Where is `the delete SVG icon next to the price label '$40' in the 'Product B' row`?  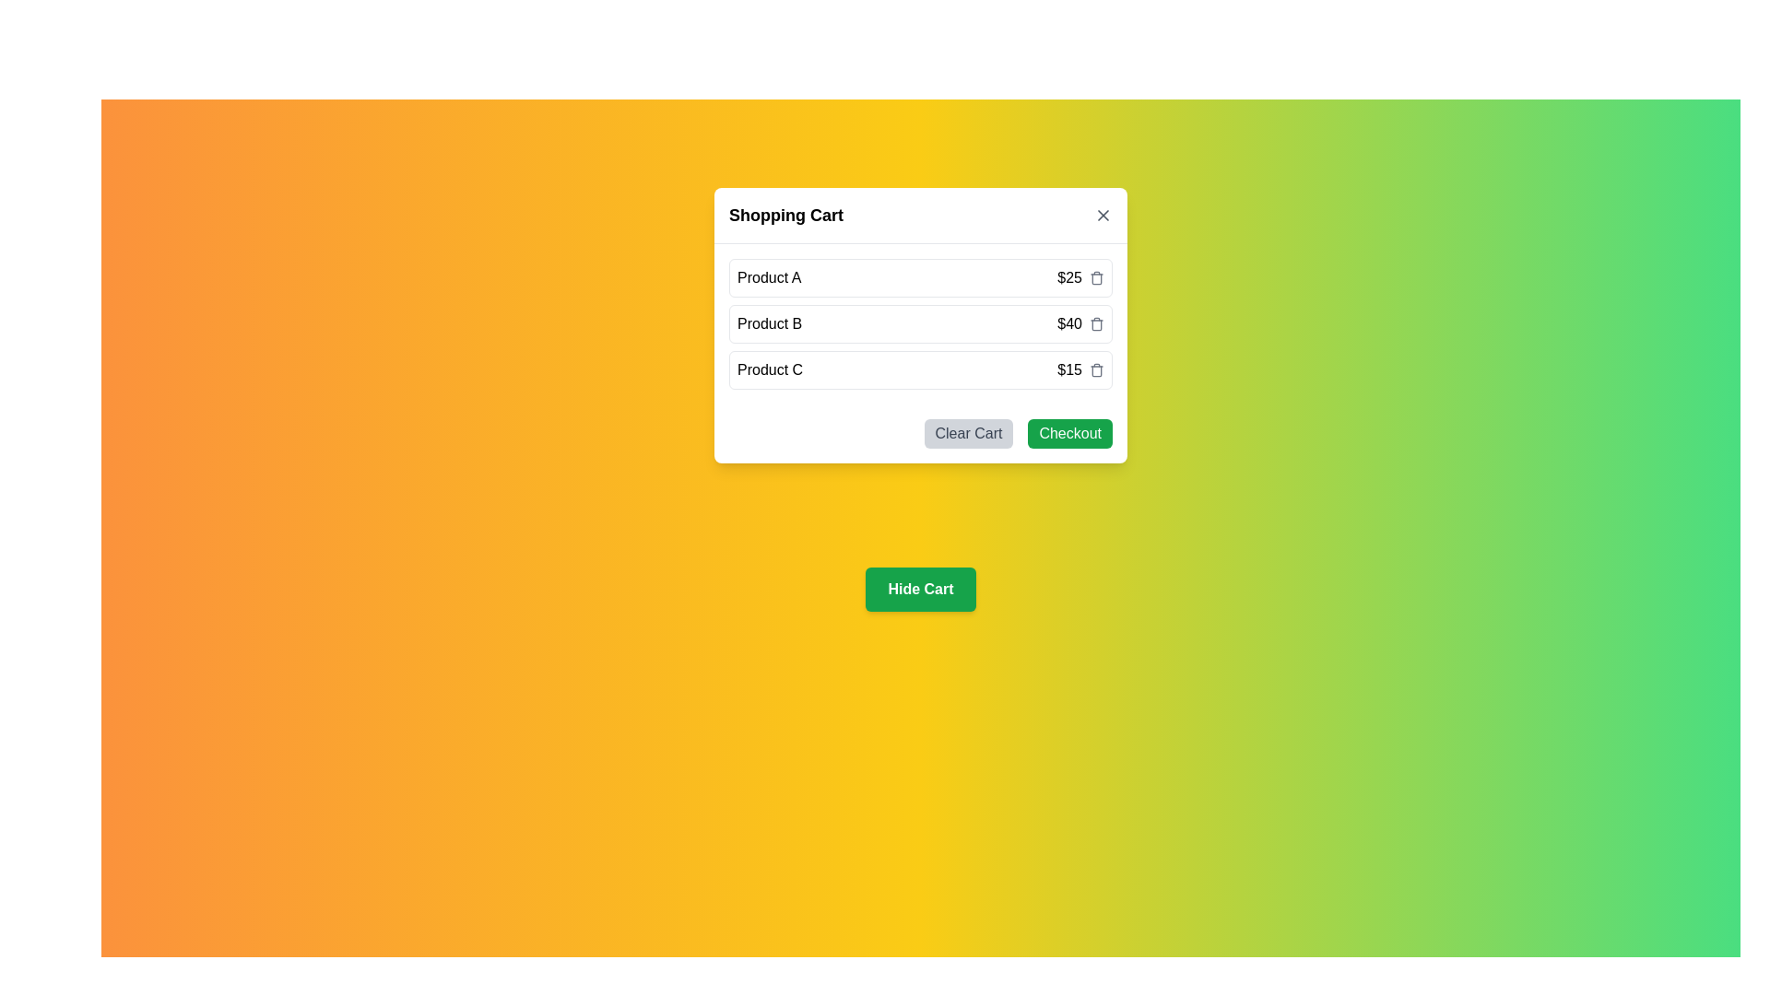 the delete SVG icon next to the price label '$40' in the 'Product B' row is located at coordinates (1097, 322).